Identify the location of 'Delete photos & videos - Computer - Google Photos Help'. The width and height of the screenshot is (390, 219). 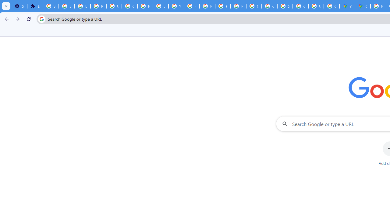
(66, 6).